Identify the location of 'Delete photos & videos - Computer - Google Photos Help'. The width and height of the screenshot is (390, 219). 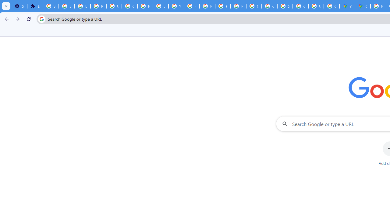
(66, 6).